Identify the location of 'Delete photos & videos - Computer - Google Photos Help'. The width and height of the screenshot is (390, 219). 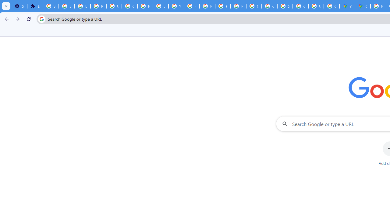
(66, 6).